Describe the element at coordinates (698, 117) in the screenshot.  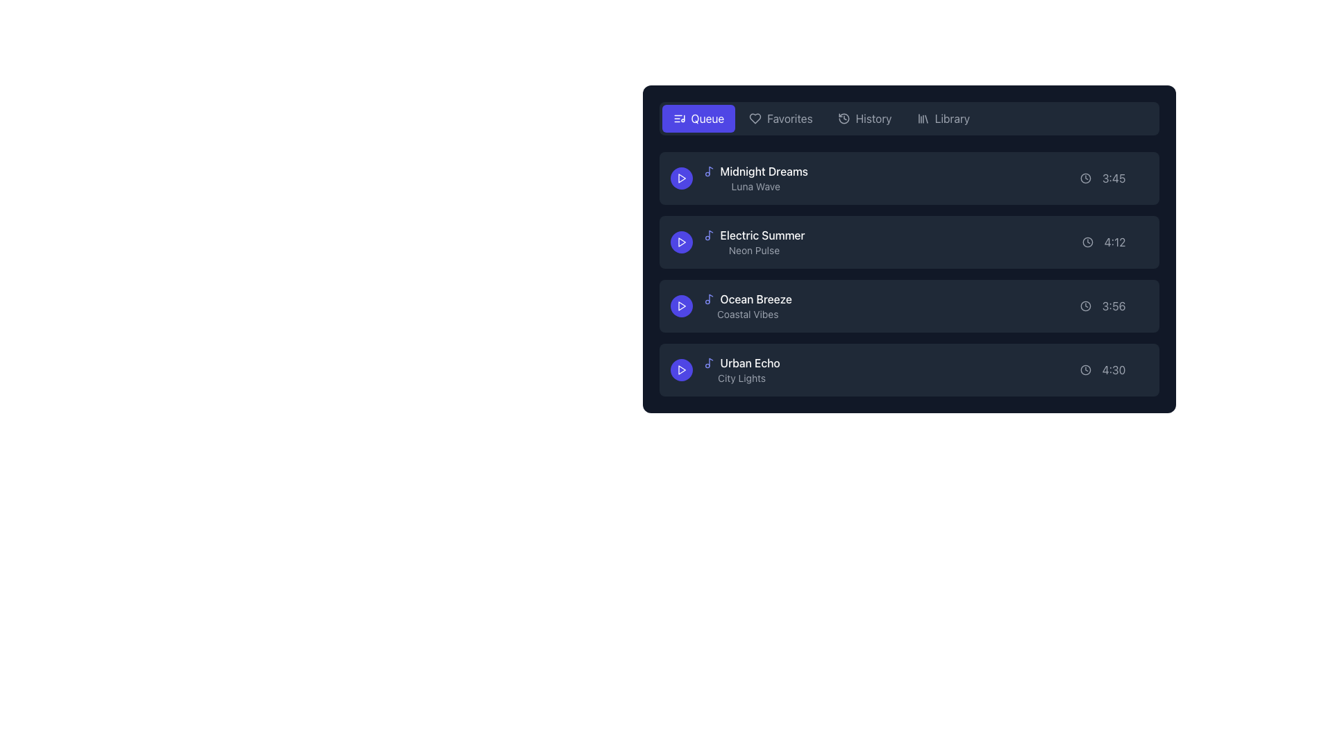
I see `the leftmost button in the horizontal navigation bar` at that location.